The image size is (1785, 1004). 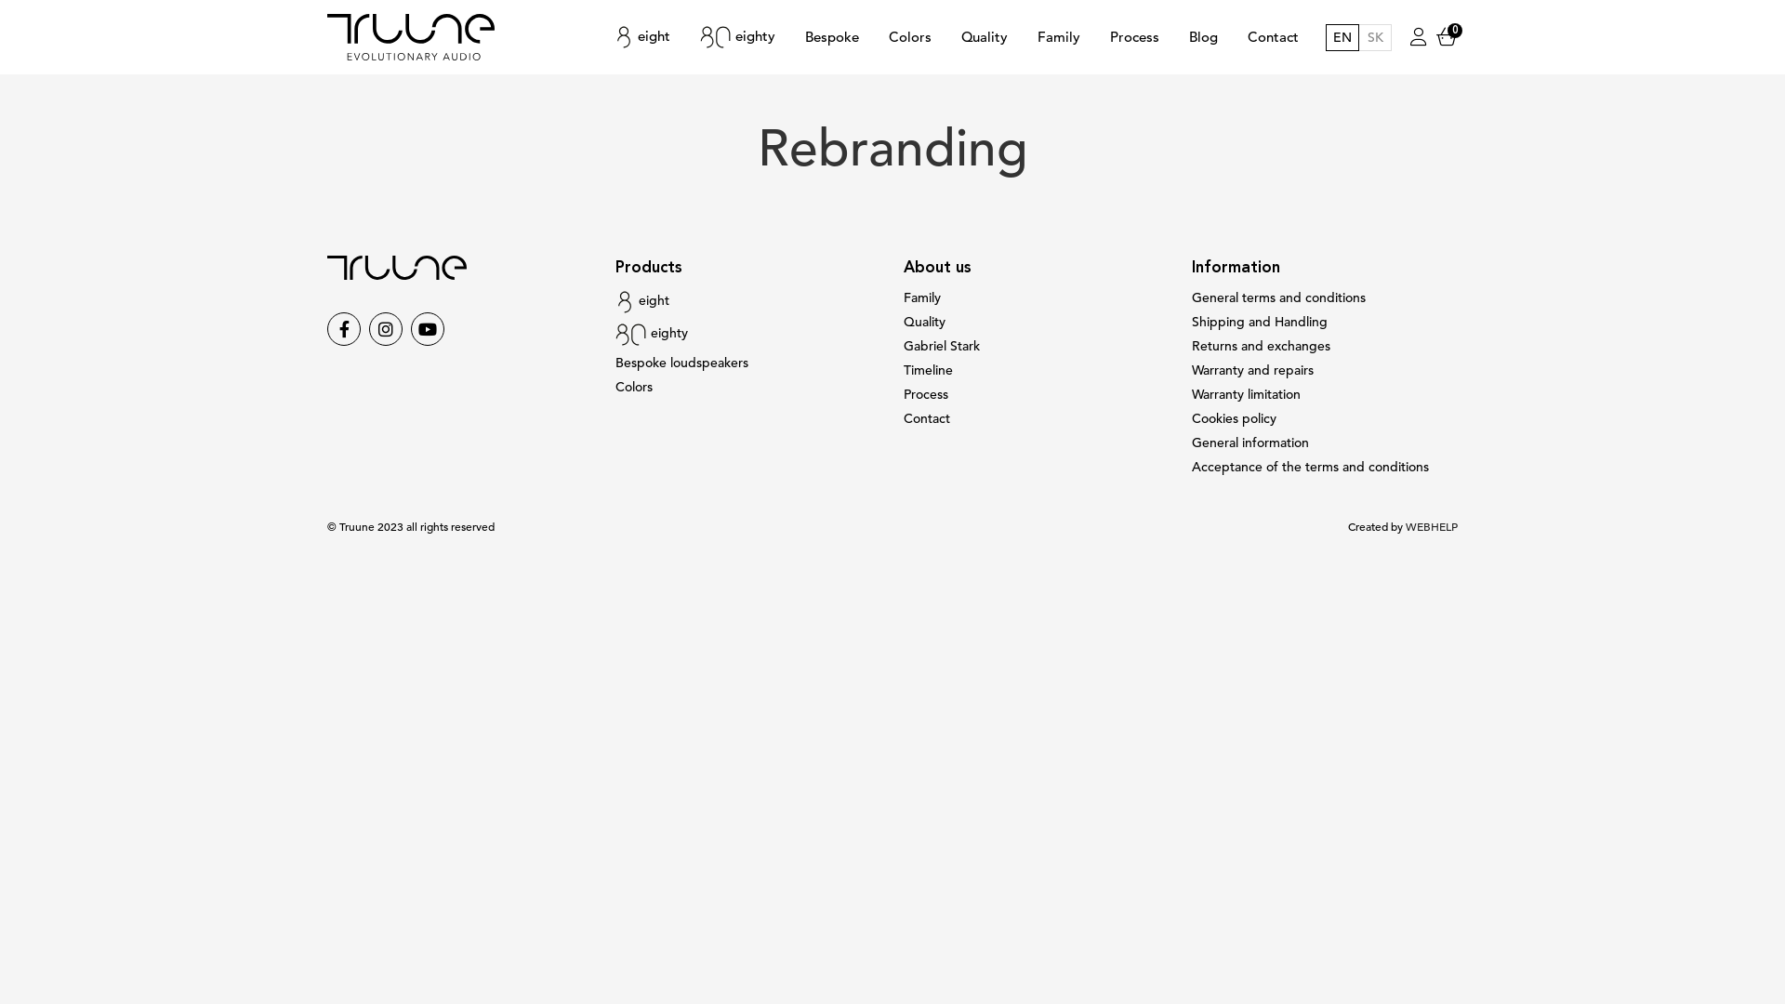 What do you see at coordinates (928, 370) in the screenshot?
I see `'Timeline'` at bounding box center [928, 370].